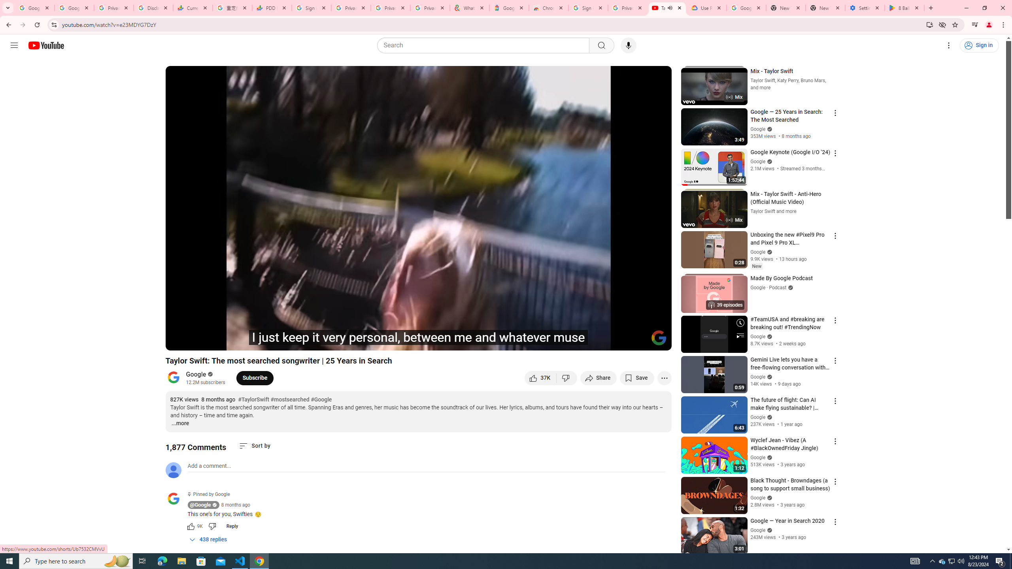  What do you see at coordinates (208, 539) in the screenshot?
I see `'438 replies'` at bounding box center [208, 539].